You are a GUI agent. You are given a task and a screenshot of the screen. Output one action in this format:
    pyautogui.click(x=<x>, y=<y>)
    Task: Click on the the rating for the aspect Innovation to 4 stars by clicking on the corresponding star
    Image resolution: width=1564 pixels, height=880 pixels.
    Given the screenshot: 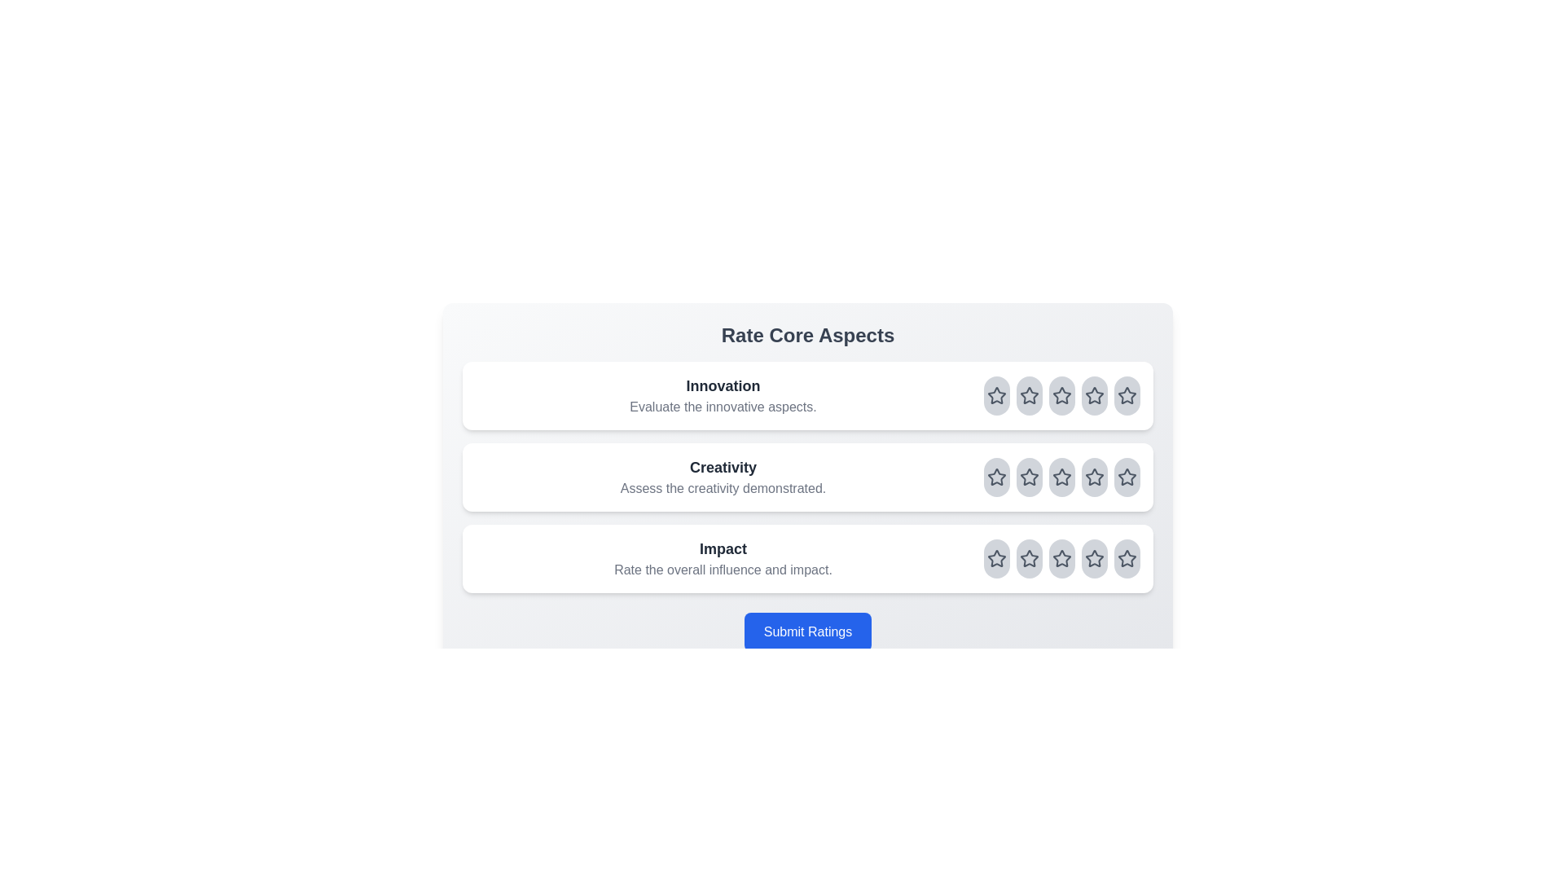 What is the action you would take?
    pyautogui.click(x=1095, y=396)
    